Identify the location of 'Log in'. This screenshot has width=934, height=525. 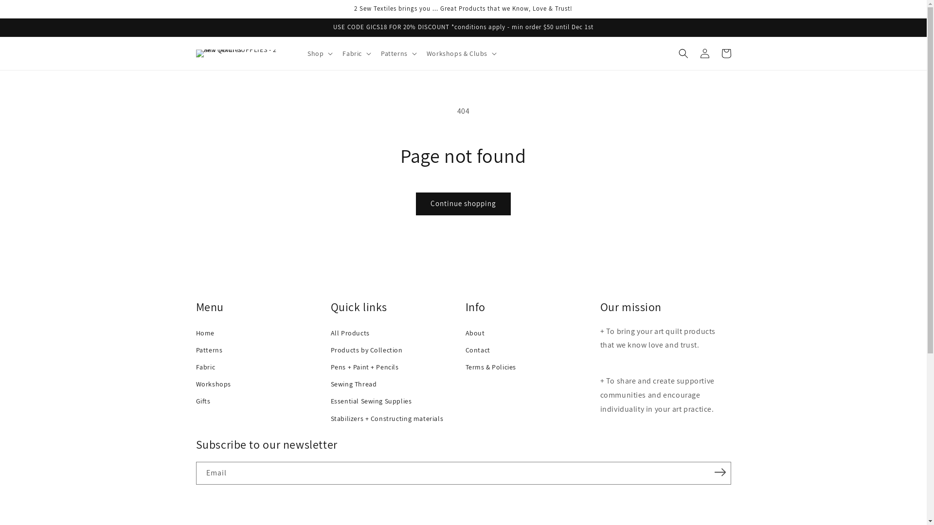
(704, 53).